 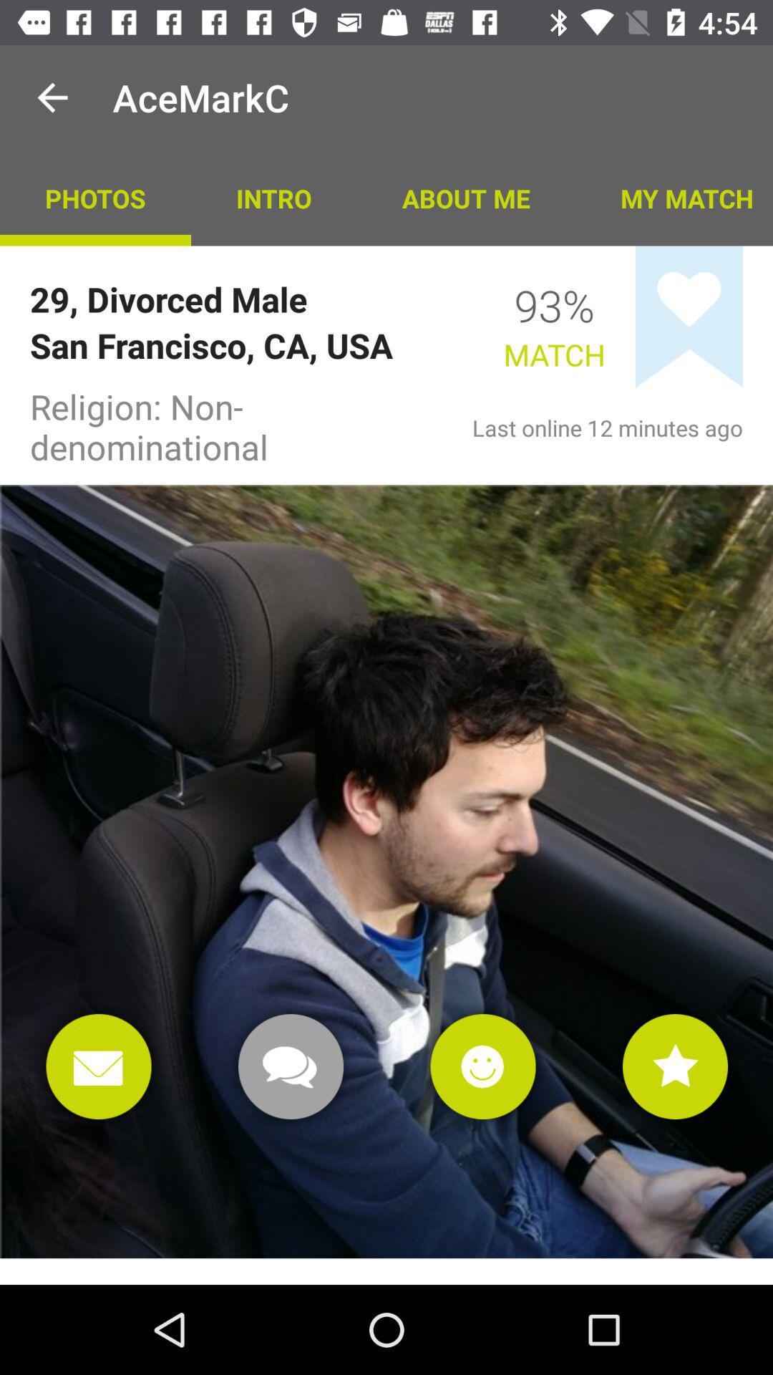 I want to click on bookmark, so click(x=689, y=316).